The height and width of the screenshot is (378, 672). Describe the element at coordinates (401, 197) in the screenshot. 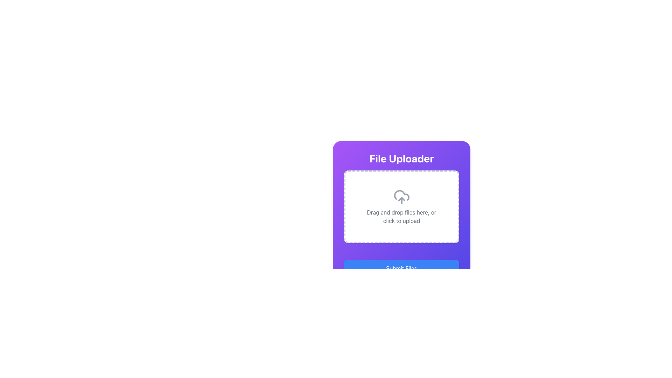

I see `the cloud upload icon, which is the main graphic indicating the upload action in the file uploader component, located above the 'Drag and drop files here, or click to upload' text` at that location.